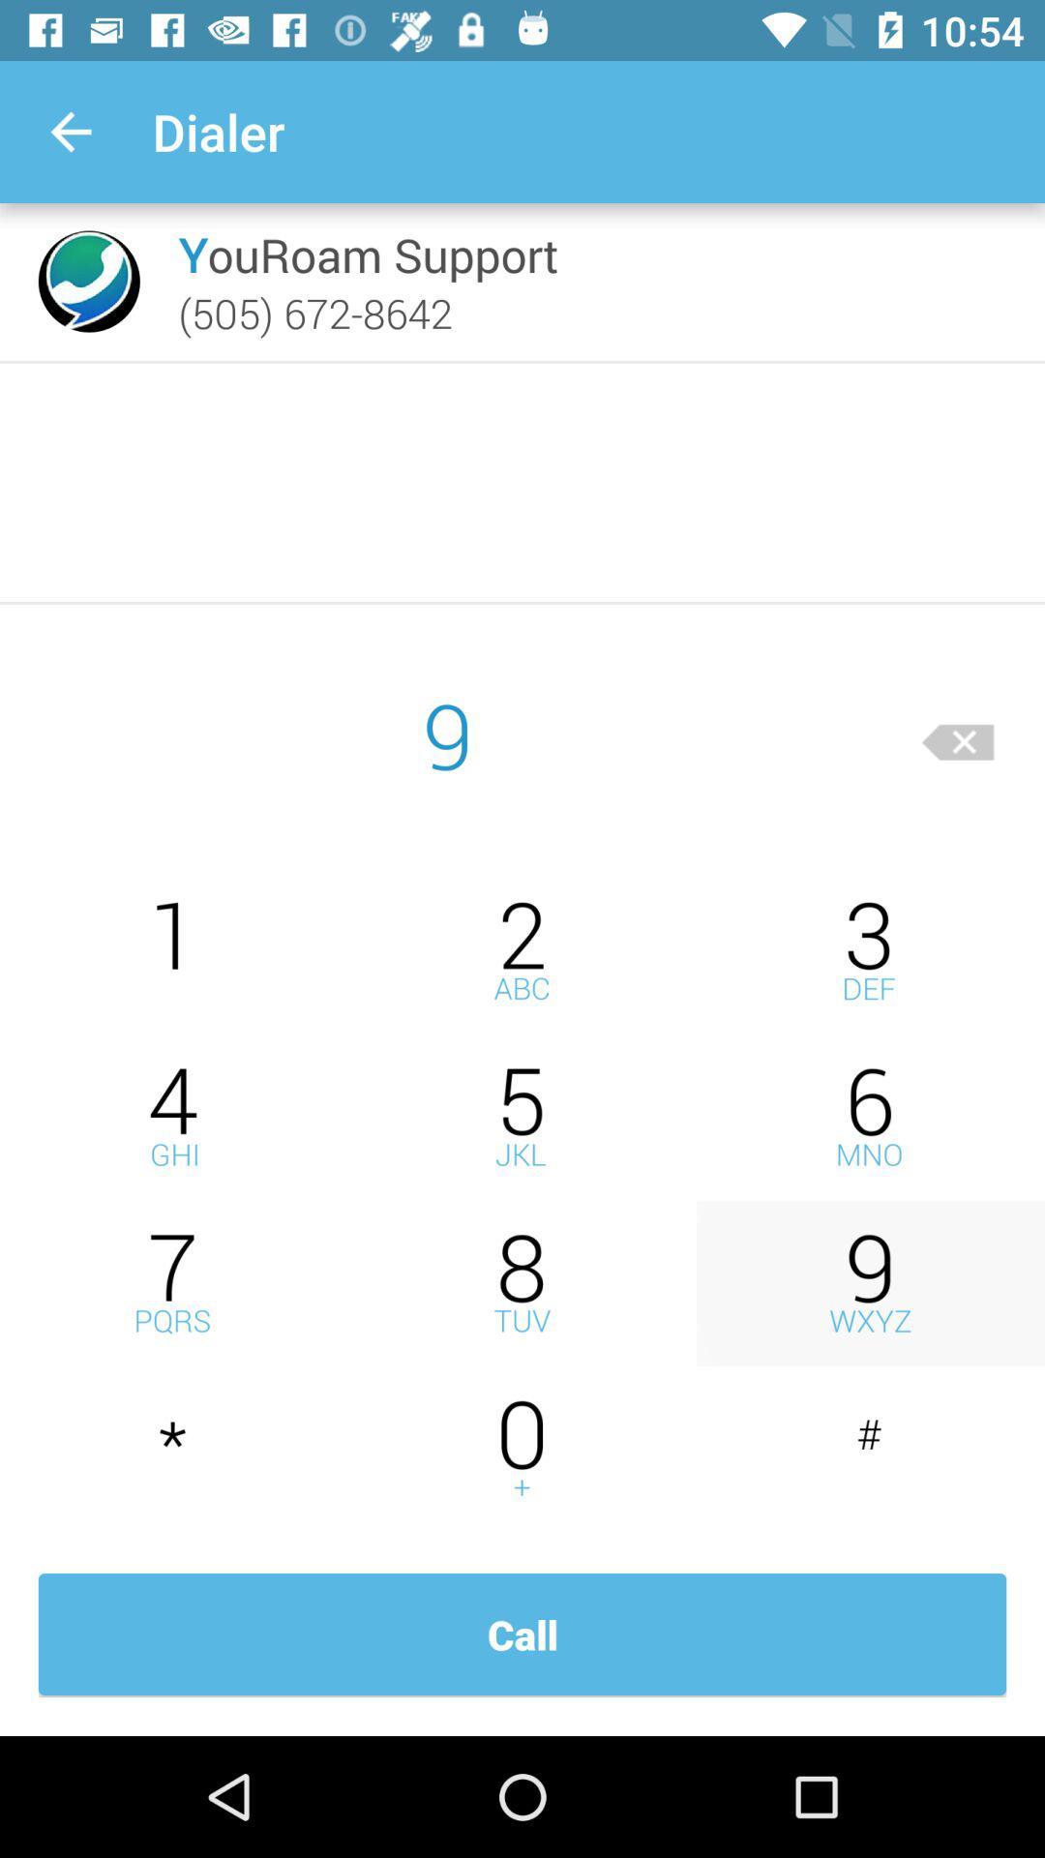  I want to click on the close icon, so click(958, 734).